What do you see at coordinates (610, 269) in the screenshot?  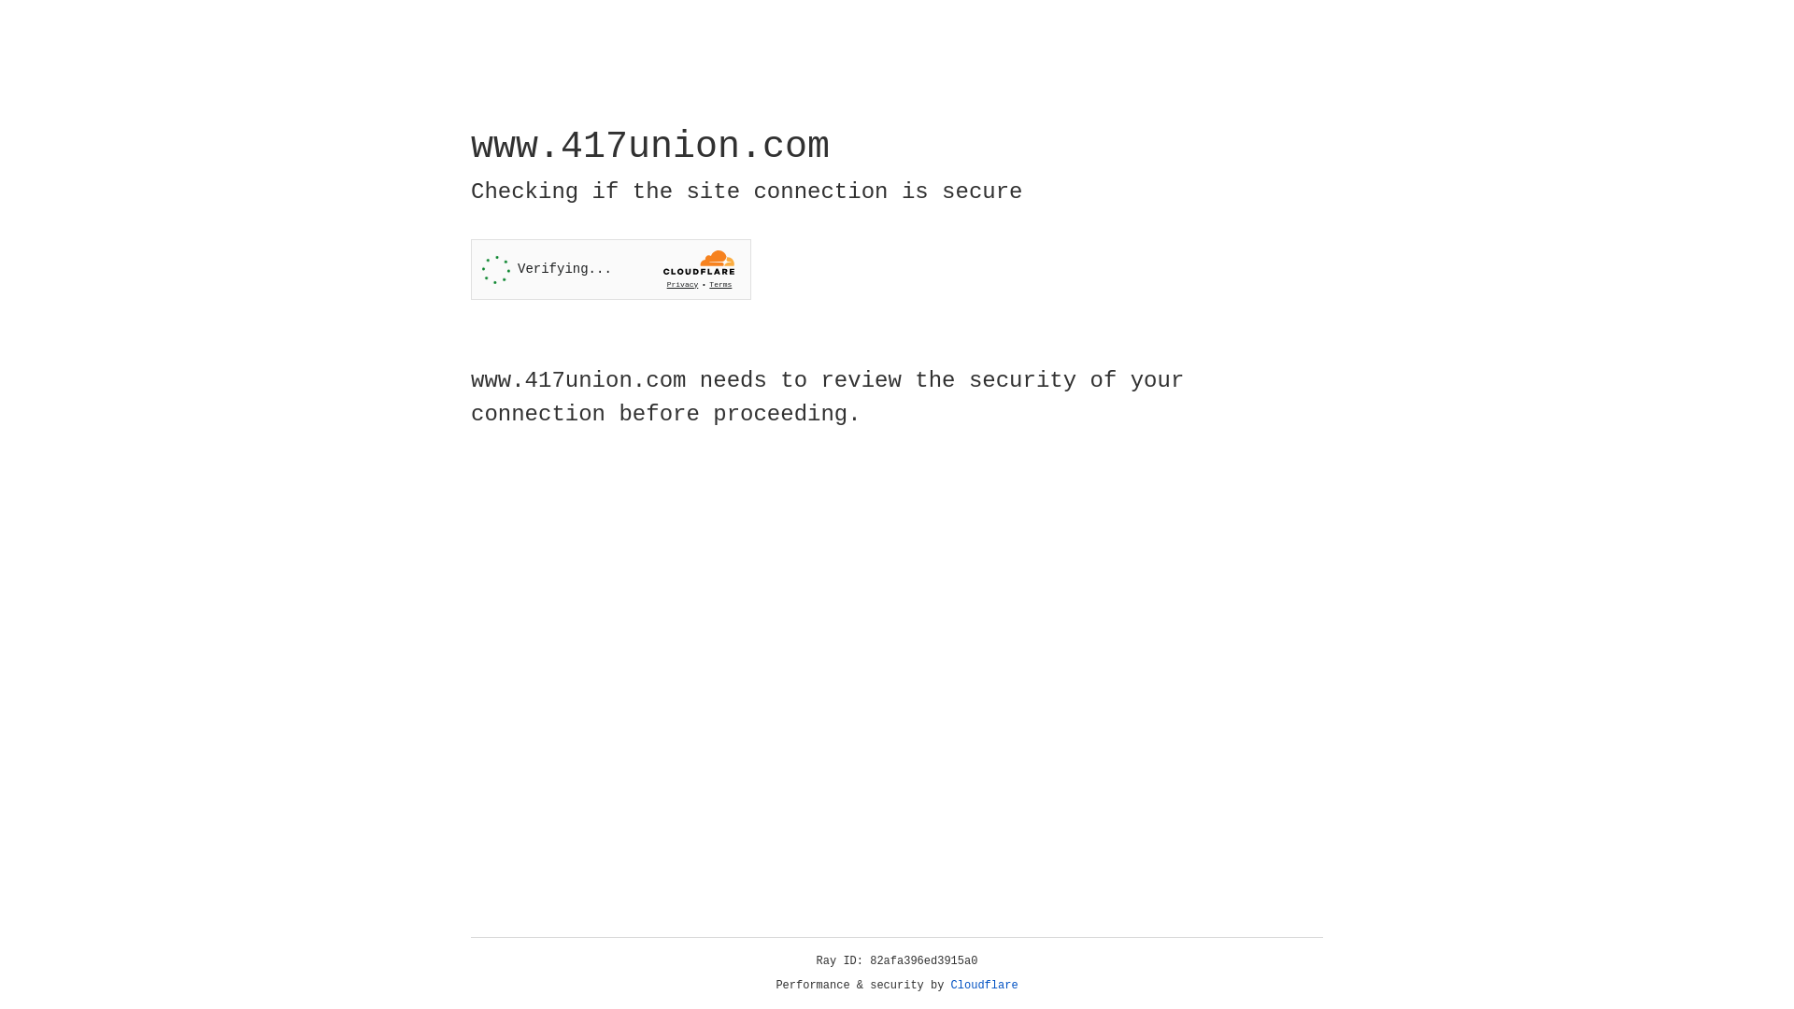 I see `'Widget containing a Cloudflare security challenge'` at bounding box center [610, 269].